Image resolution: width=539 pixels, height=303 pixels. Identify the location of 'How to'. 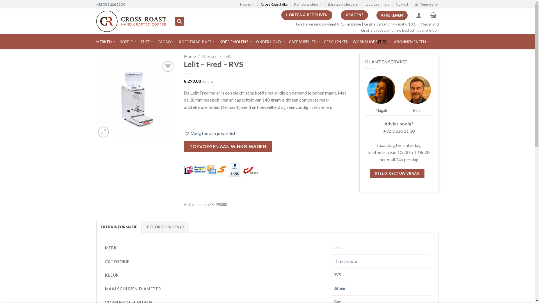
(247, 4).